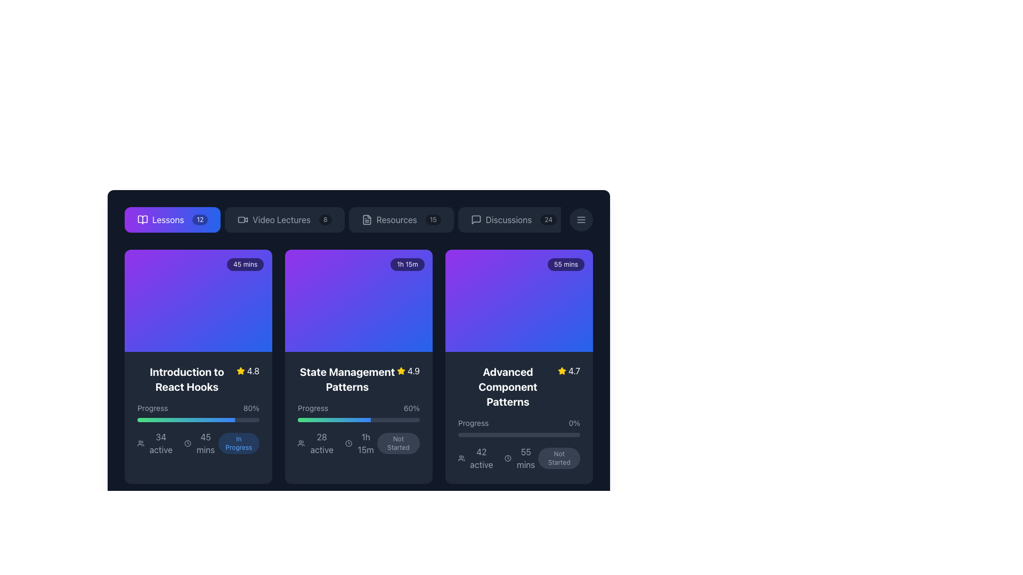 Image resolution: width=1023 pixels, height=575 pixels. I want to click on the static text label indicating 0% progress, located in the lower-right portion of the 'Advanced Component Patterns' card, right of the word 'Progress', so click(574, 422).